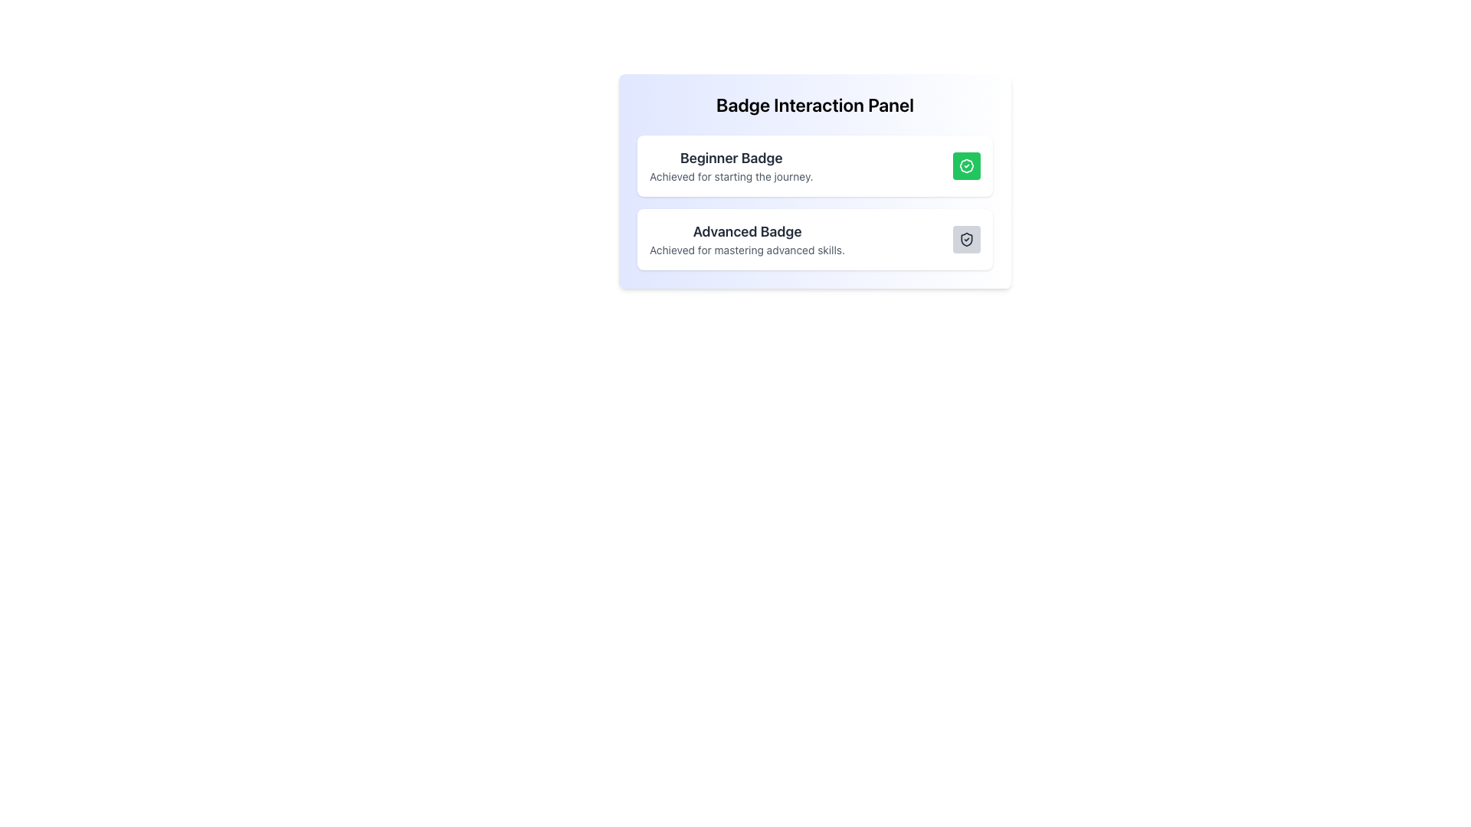 This screenshot has height=827, width=1471. Describe the element at coordinates (730, 159) in the screenshot. I see `title text label that identifies the 'Beginner Badge' category, located in the upper part of the 'Badge Interaction Panel'` at that location.